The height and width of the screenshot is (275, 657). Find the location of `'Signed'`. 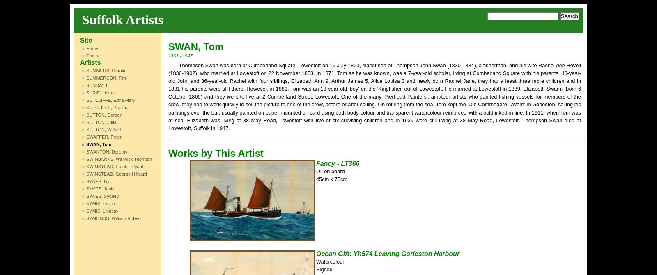

'Signed' is located at coordinates (324, 268).